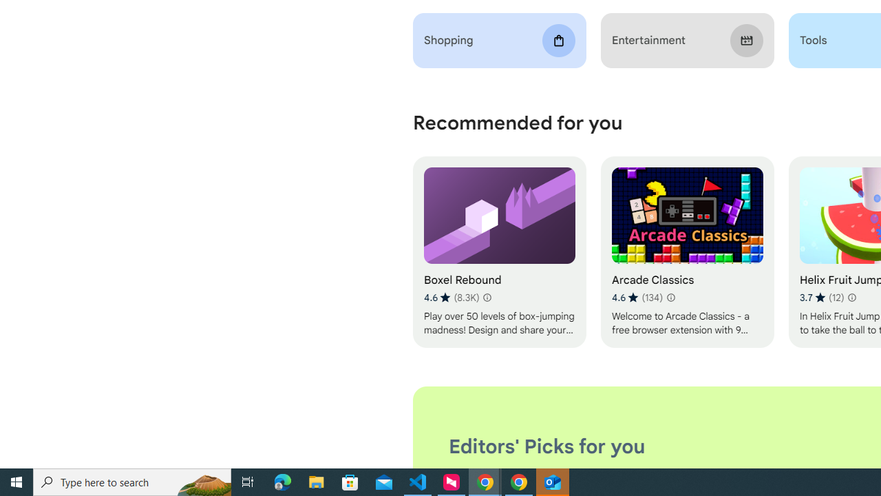 This screenshot has height=496, width=881. What do you see at coordinates (822, 297) in the screenshot?
I see `'Average rating 3.7 out of 5 stars. 12 ratings.'` at bounding box center [822, 297].